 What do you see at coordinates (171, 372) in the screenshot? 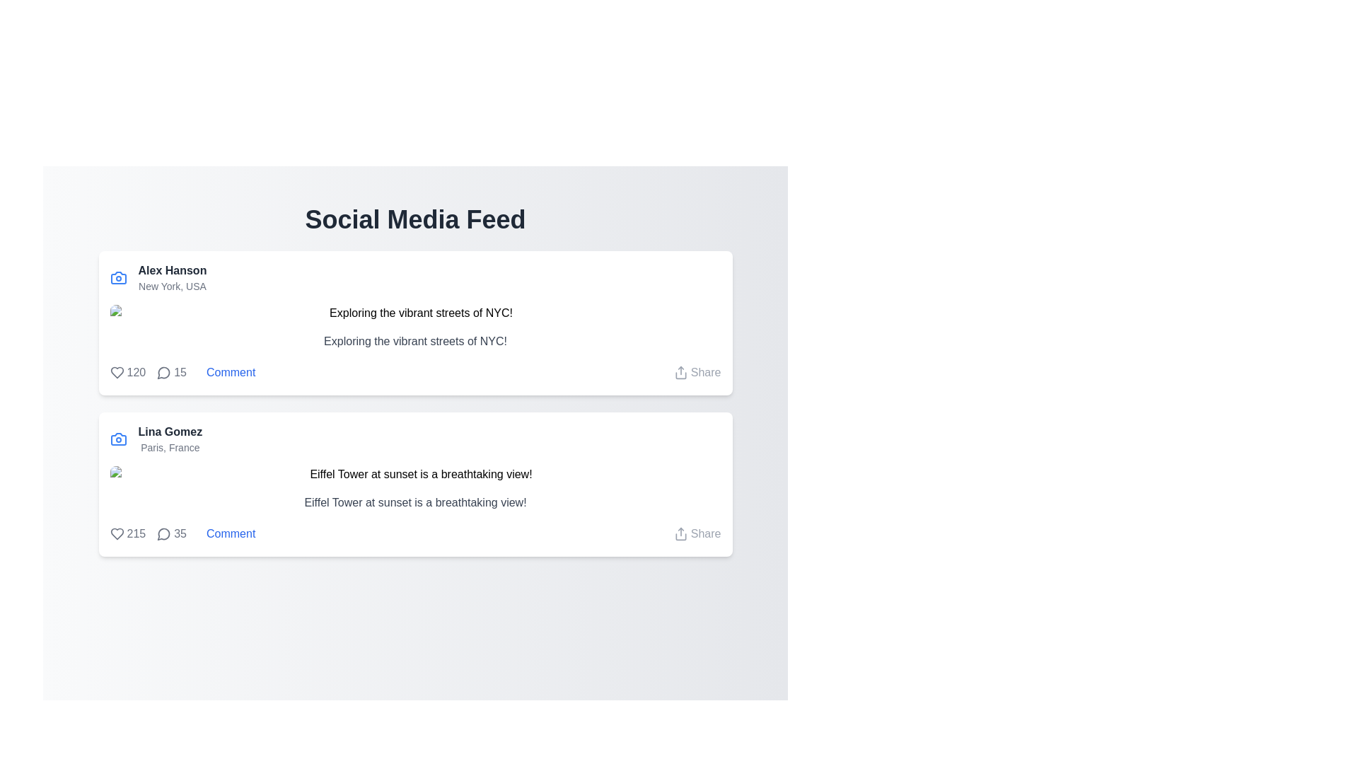
I see `comment count displayed as '15' next to the chat bubble icon, which is the second item in a horizontal group at the bottom of the first social media post card` at bounding box center [171, 372].